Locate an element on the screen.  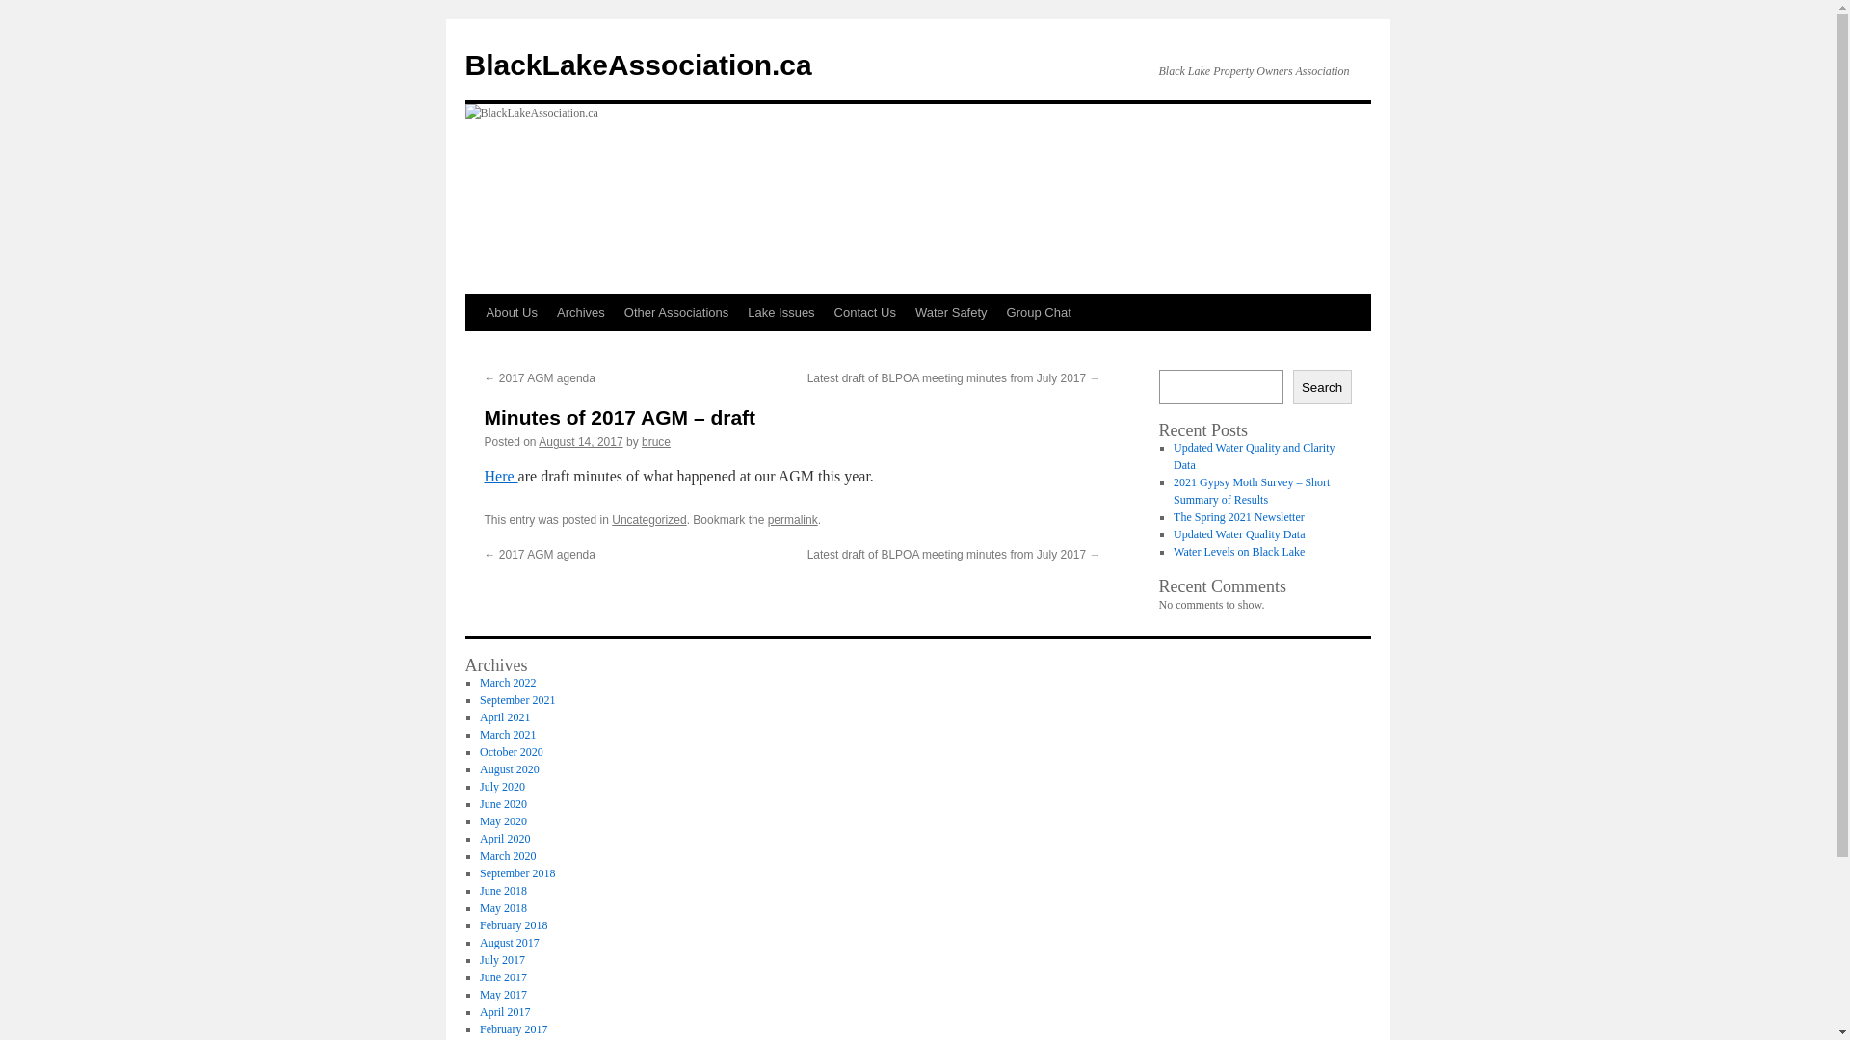
'March 2022' is located at coordinates (508, 682).